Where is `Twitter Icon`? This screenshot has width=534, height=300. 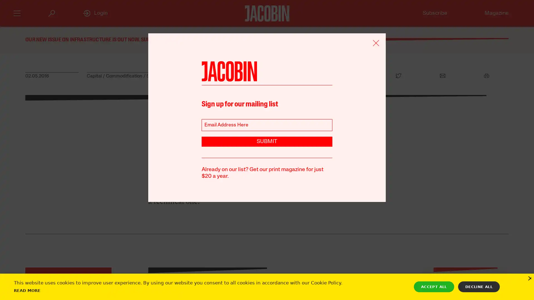
Twitter Icon is located at coordinates (398, 76).